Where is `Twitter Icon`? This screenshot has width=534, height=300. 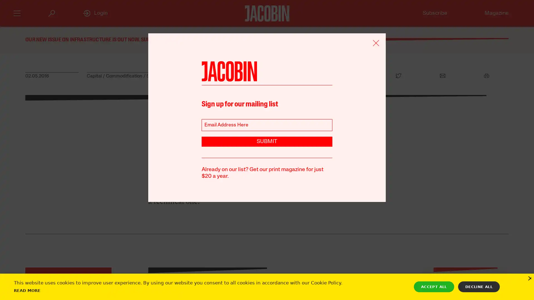
Twitter Icon is located at coordinates (398, 76).